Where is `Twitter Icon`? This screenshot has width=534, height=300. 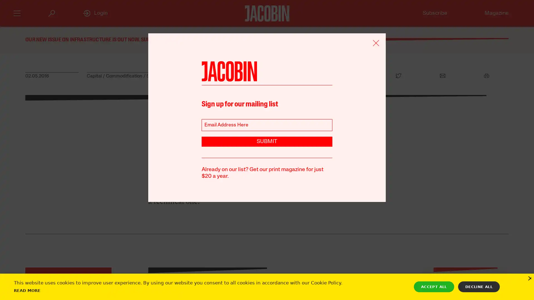
Twitter Icon is located at coordinates (398, 76).